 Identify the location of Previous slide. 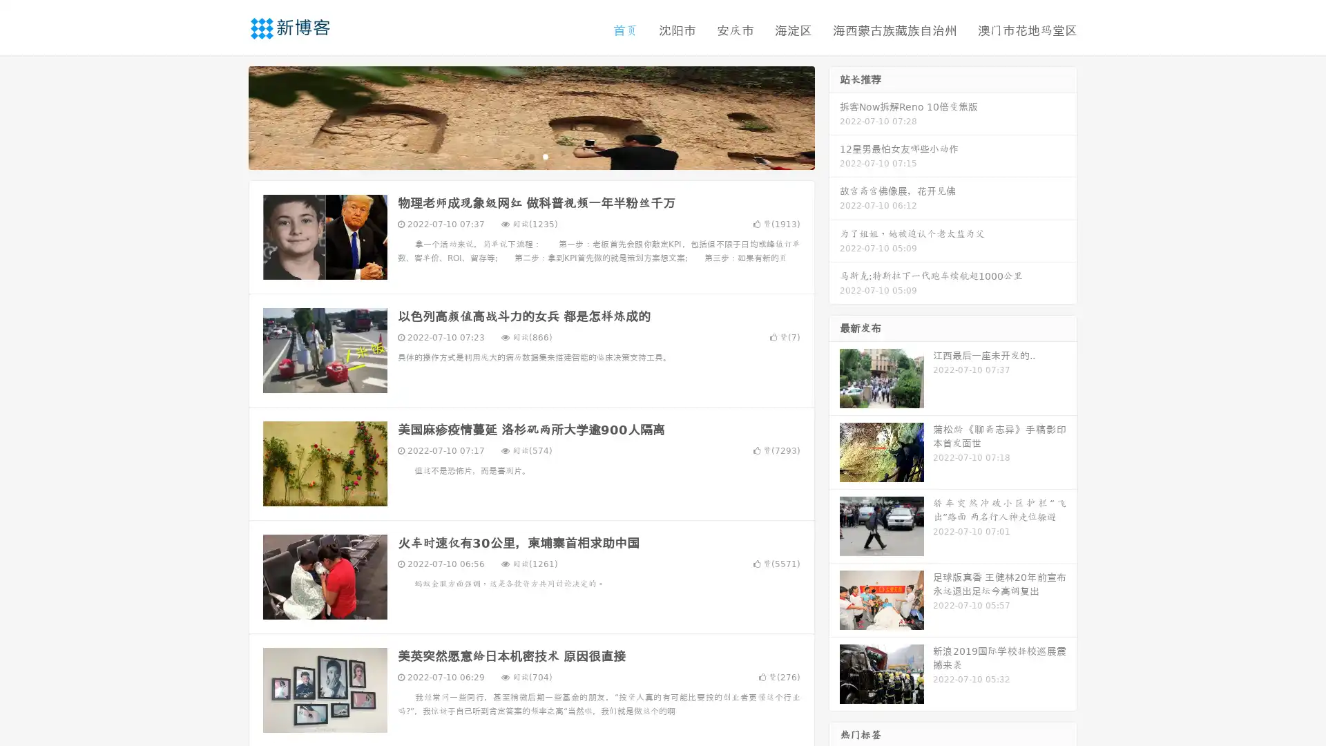
(228, 116).